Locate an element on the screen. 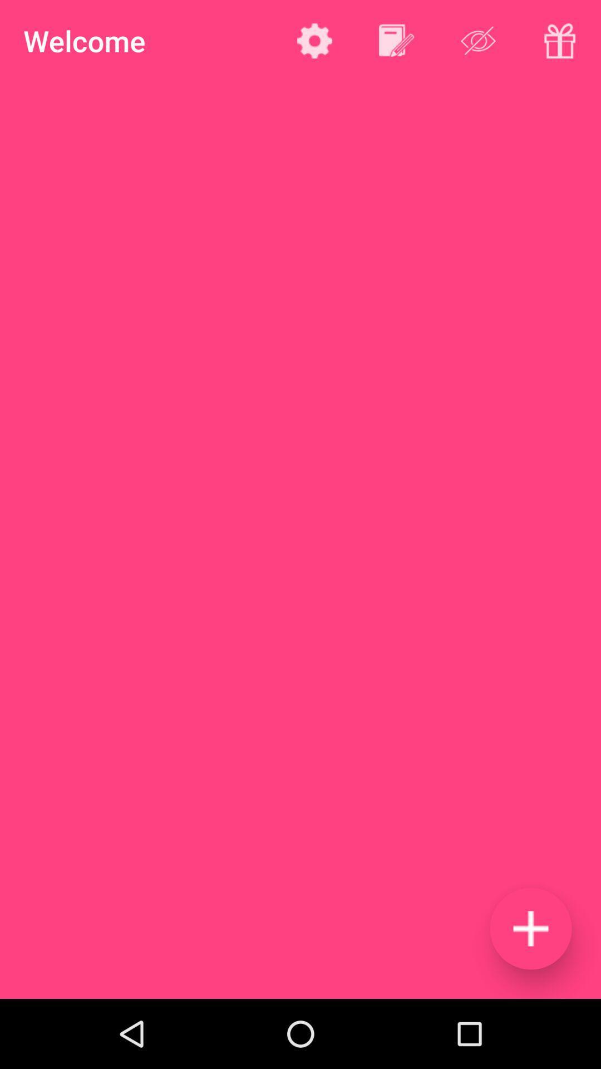 The image size is (601, 1069). send gift is located at coordinates (560, 41).